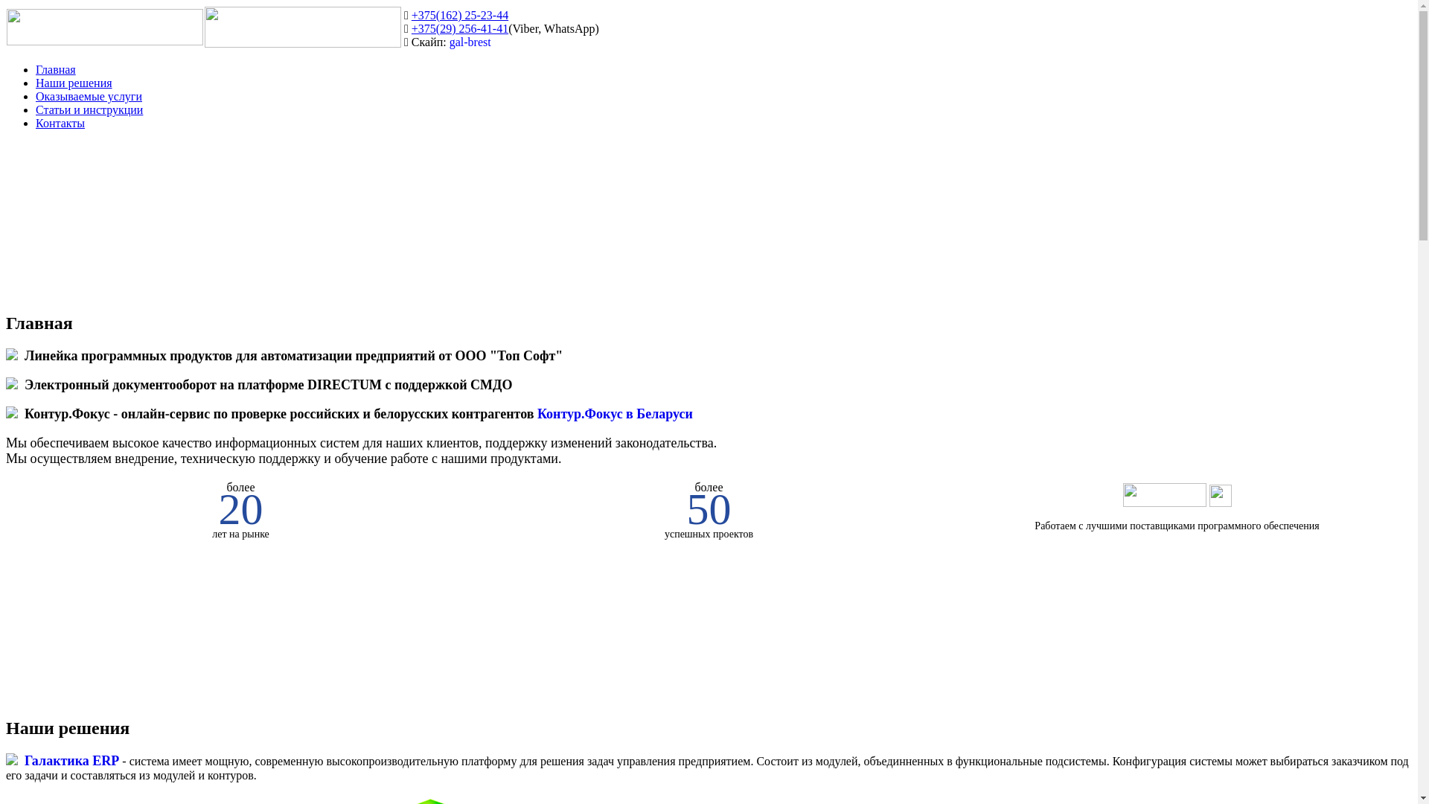 This screenshot has height=804, width=1429. Describe the element at coordinates (411, 28) in the screenshot. I see `'+375(29) 256-41-41'` at that location.